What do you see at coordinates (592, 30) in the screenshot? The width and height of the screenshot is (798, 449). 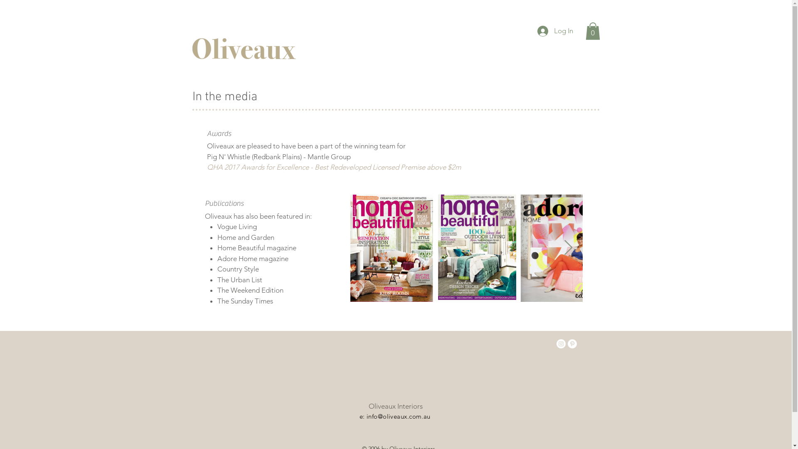 I see `'0'` at bounding box center [592, 30].